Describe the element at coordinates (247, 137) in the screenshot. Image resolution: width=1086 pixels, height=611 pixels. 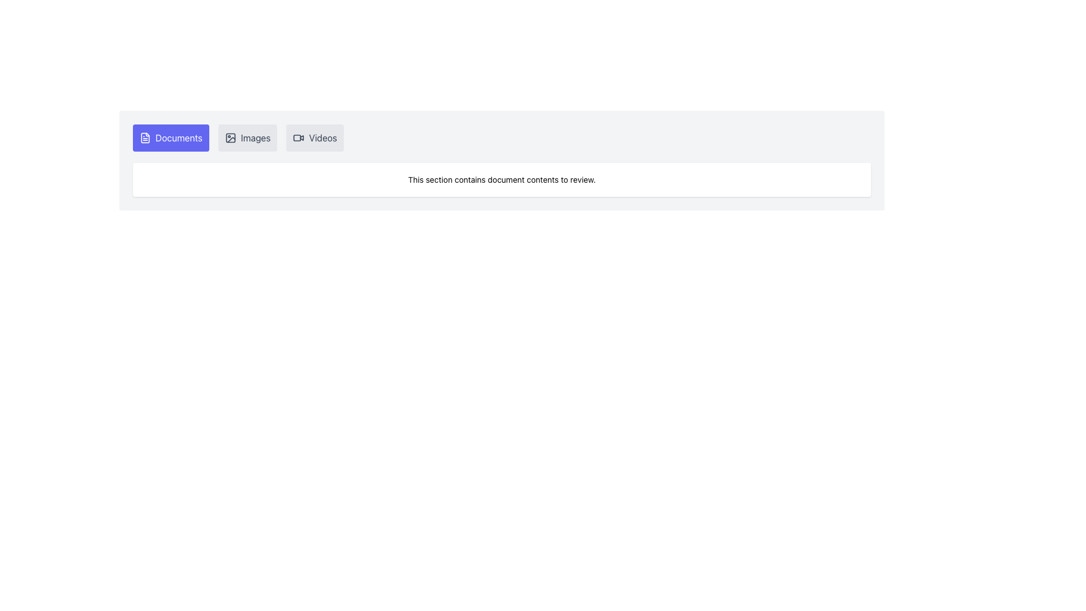
I see `the 'Images' button, which is a rectangular button with a light gray background, rounded corners, an icon resembling a picture frame on the left, and the text 'Images' centered vertically within the button` at that location.